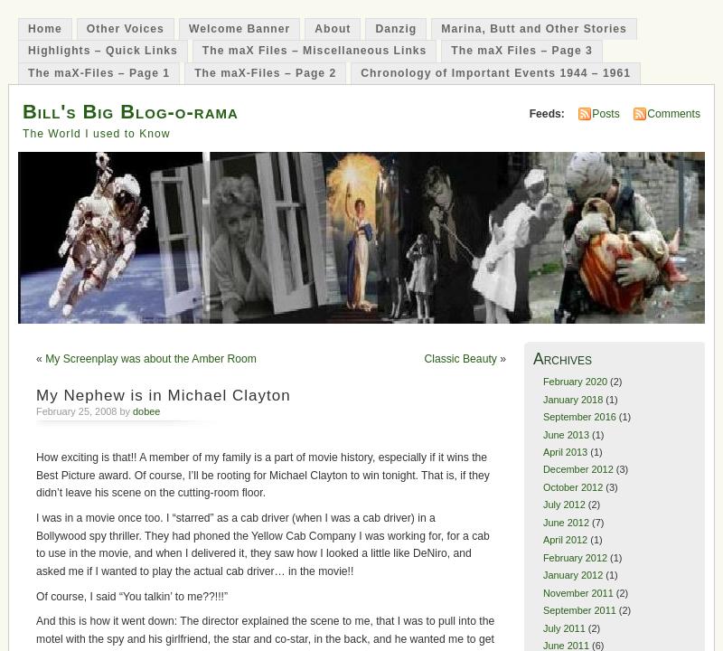 The image size is (723, 651). I want to click on 'February 25, 2008 by', so click(84, 410).